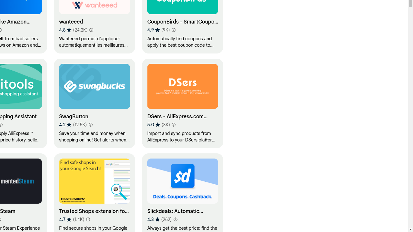 The image size is (413, 232). I want to click on 'Learn more about results and reviews "DSers - AliExpress.com Product Importer"', so click(173, 125).